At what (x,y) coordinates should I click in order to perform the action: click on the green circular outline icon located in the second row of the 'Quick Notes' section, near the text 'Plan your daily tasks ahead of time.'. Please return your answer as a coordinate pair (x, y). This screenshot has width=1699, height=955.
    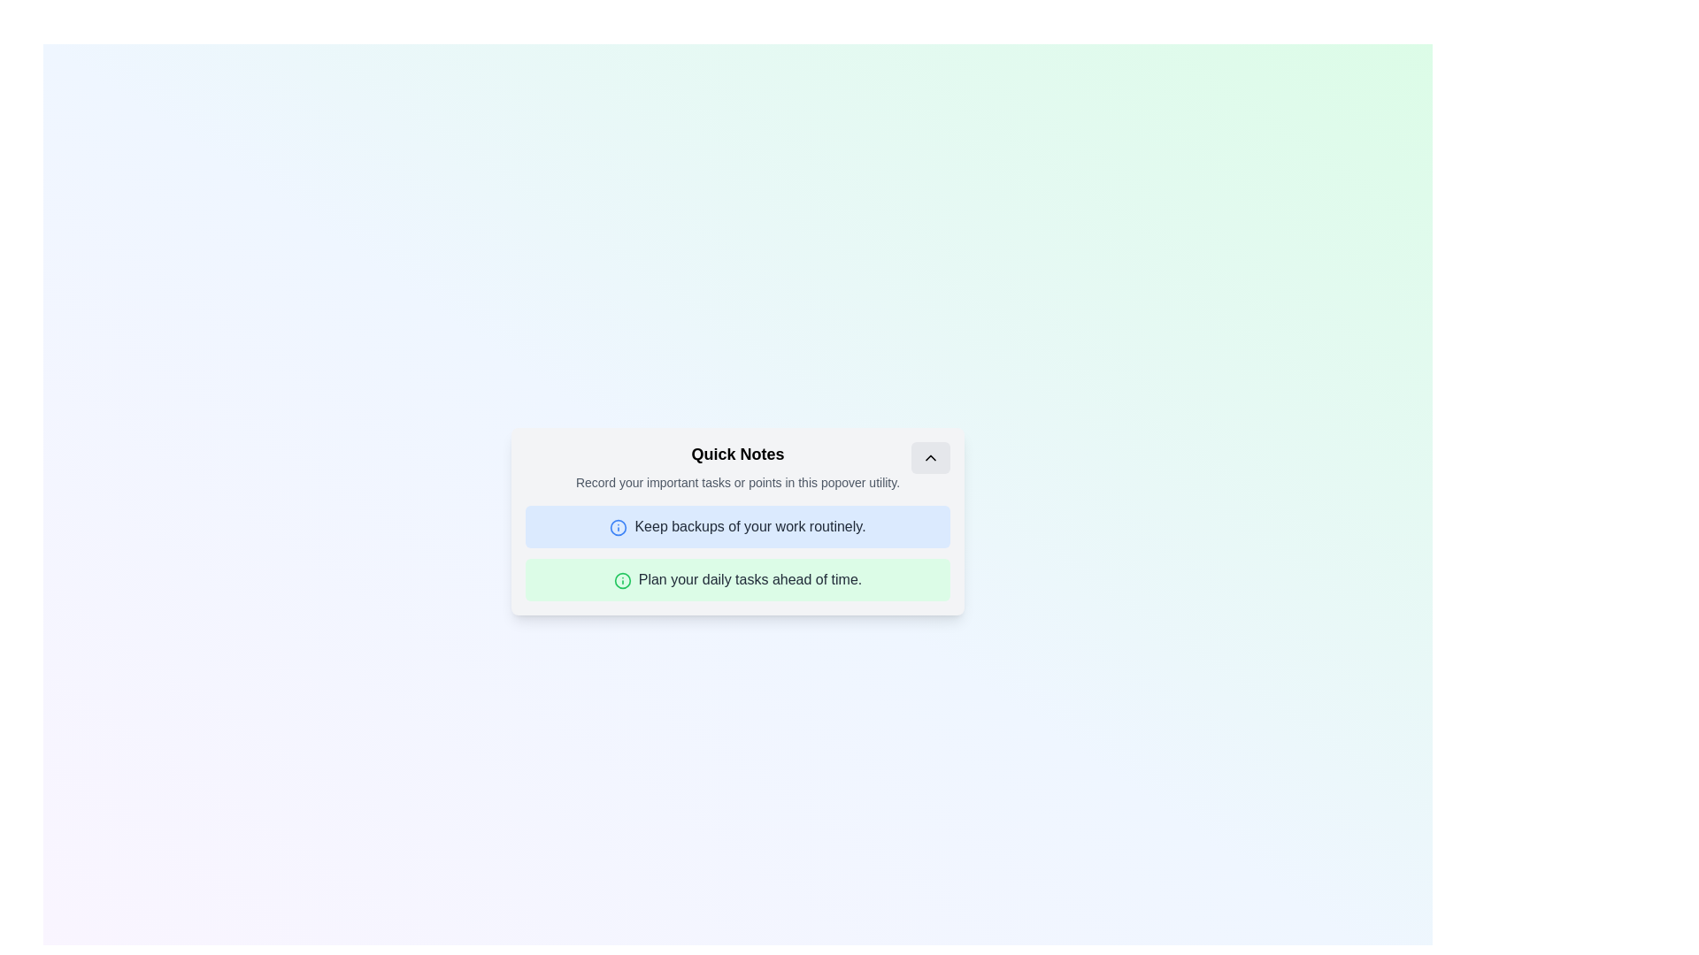
    Looking at the image, I should click on (622, 580).